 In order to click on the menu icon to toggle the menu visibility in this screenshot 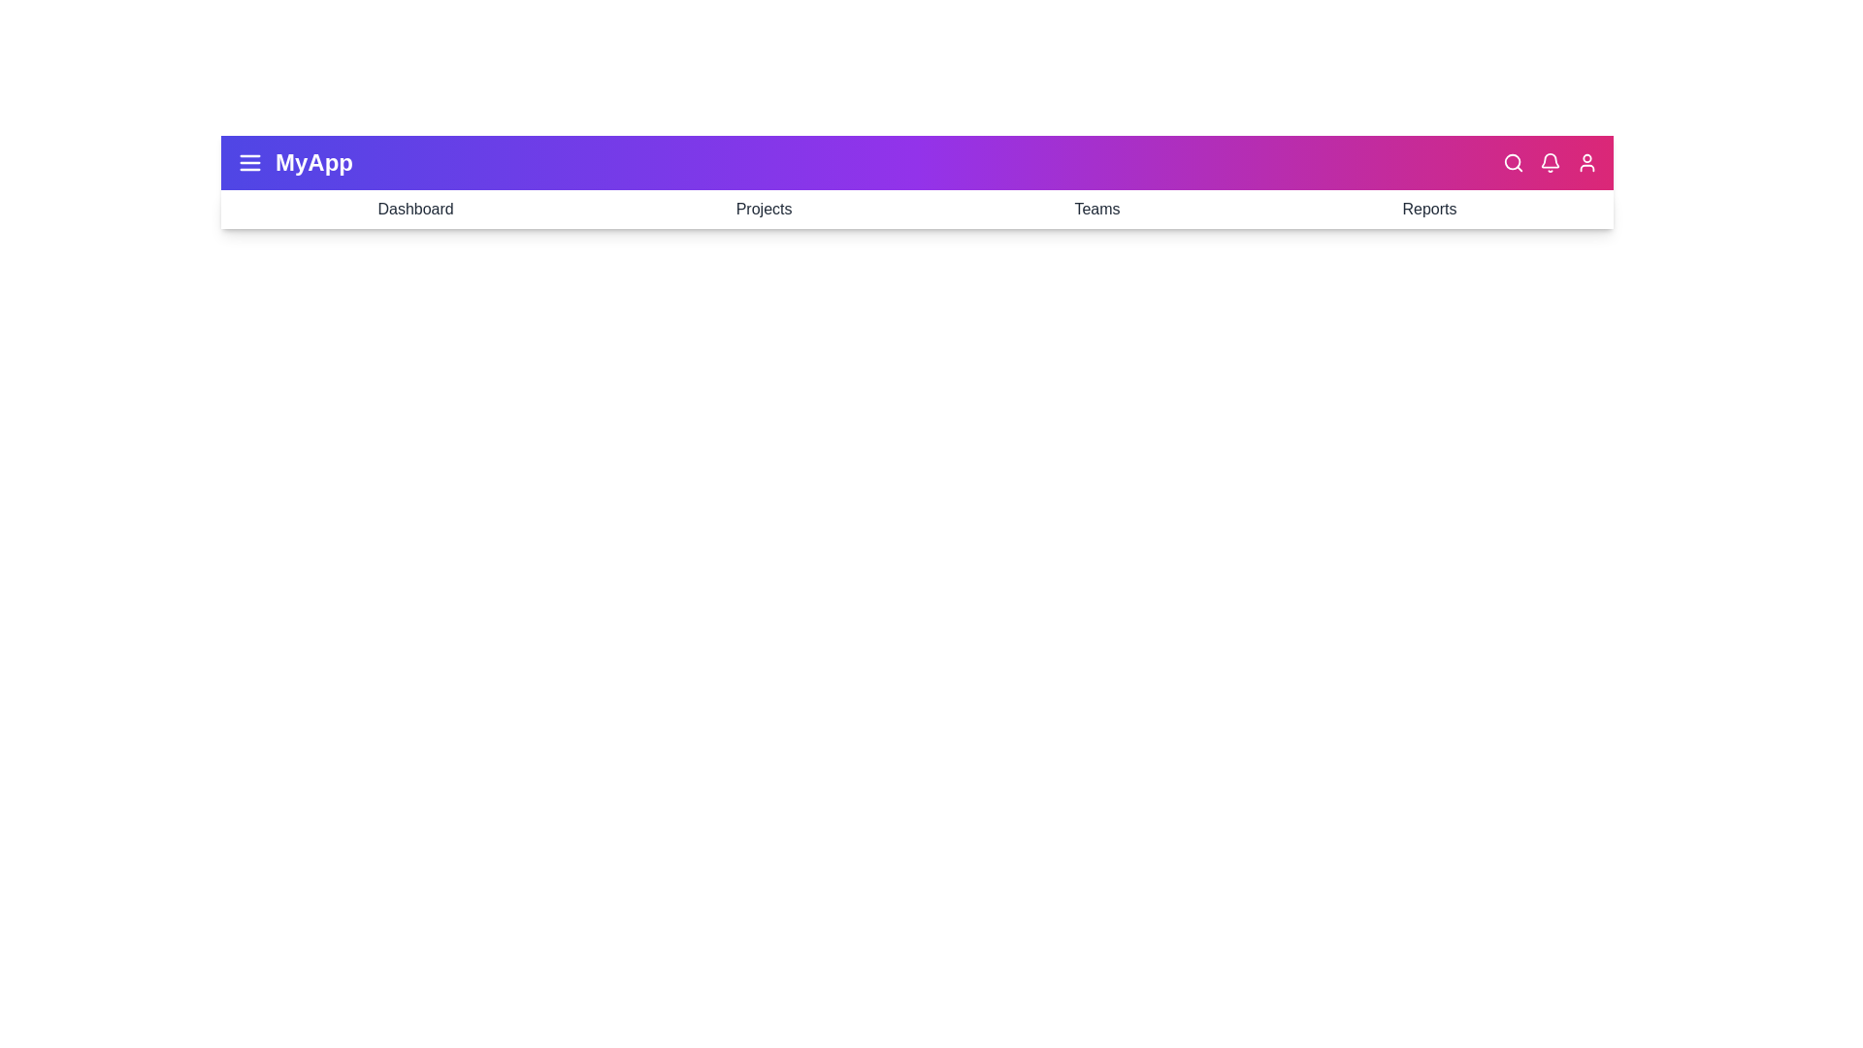, I will do `click(249, 162)`.